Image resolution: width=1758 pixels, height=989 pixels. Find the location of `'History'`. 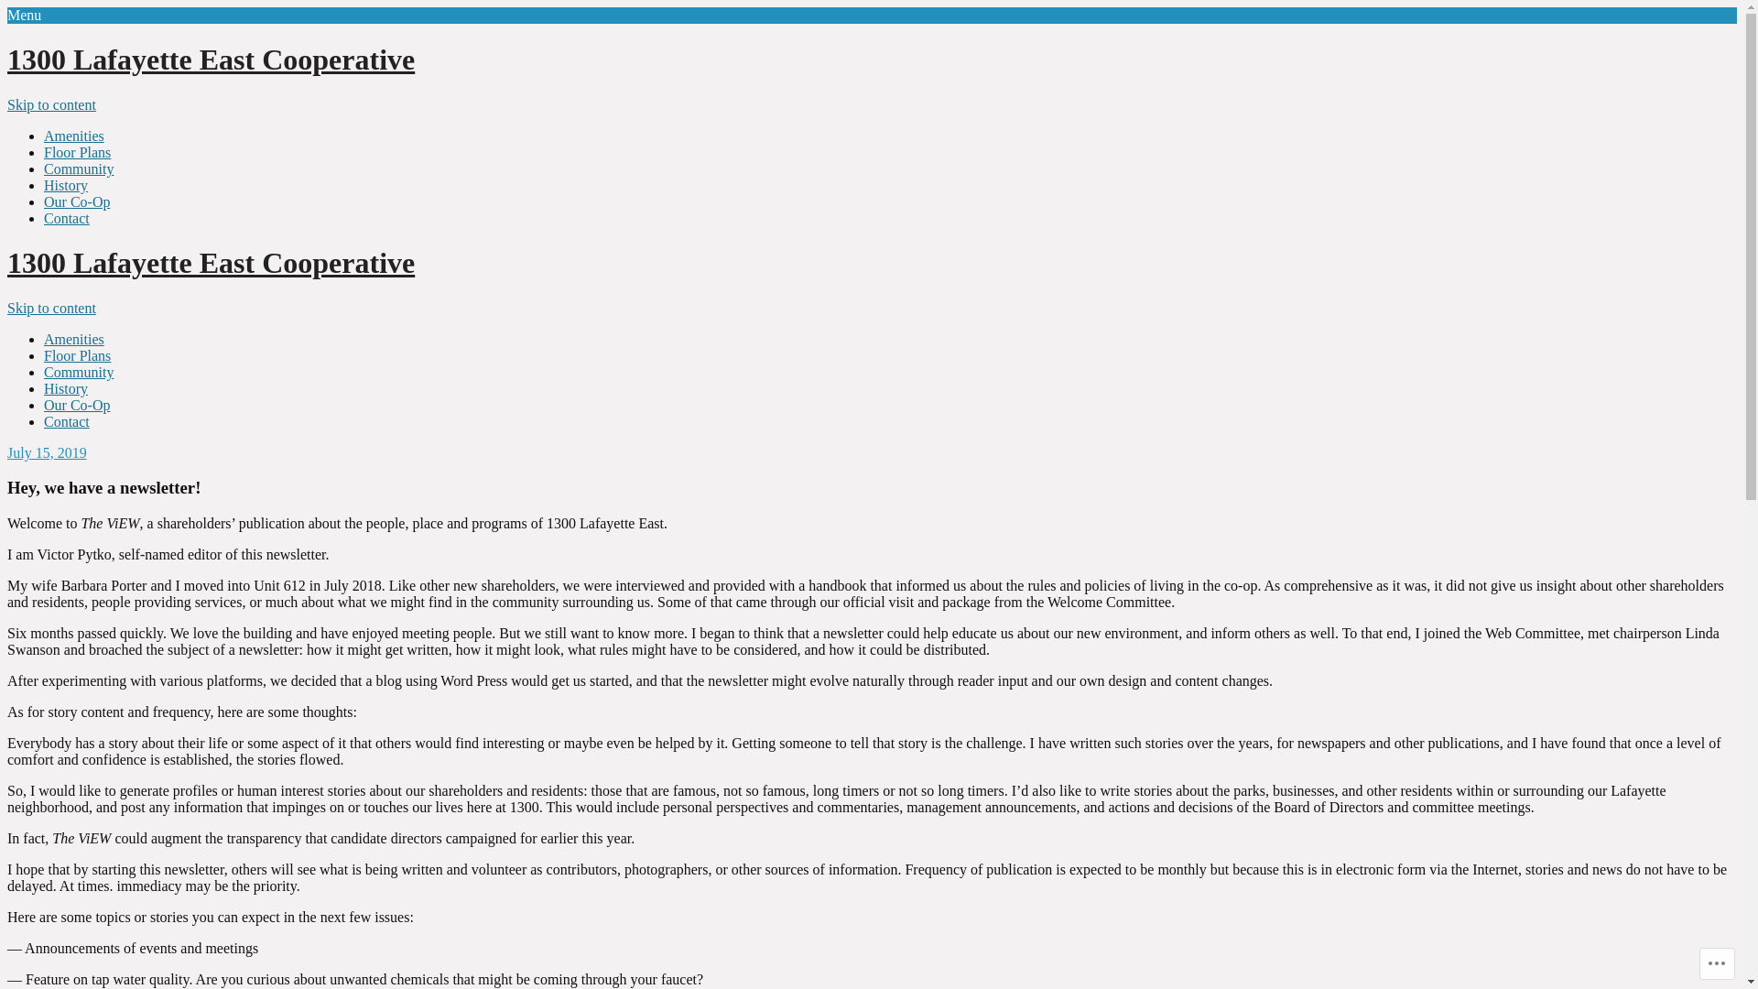

'History' is located at coordinates (44, 387).